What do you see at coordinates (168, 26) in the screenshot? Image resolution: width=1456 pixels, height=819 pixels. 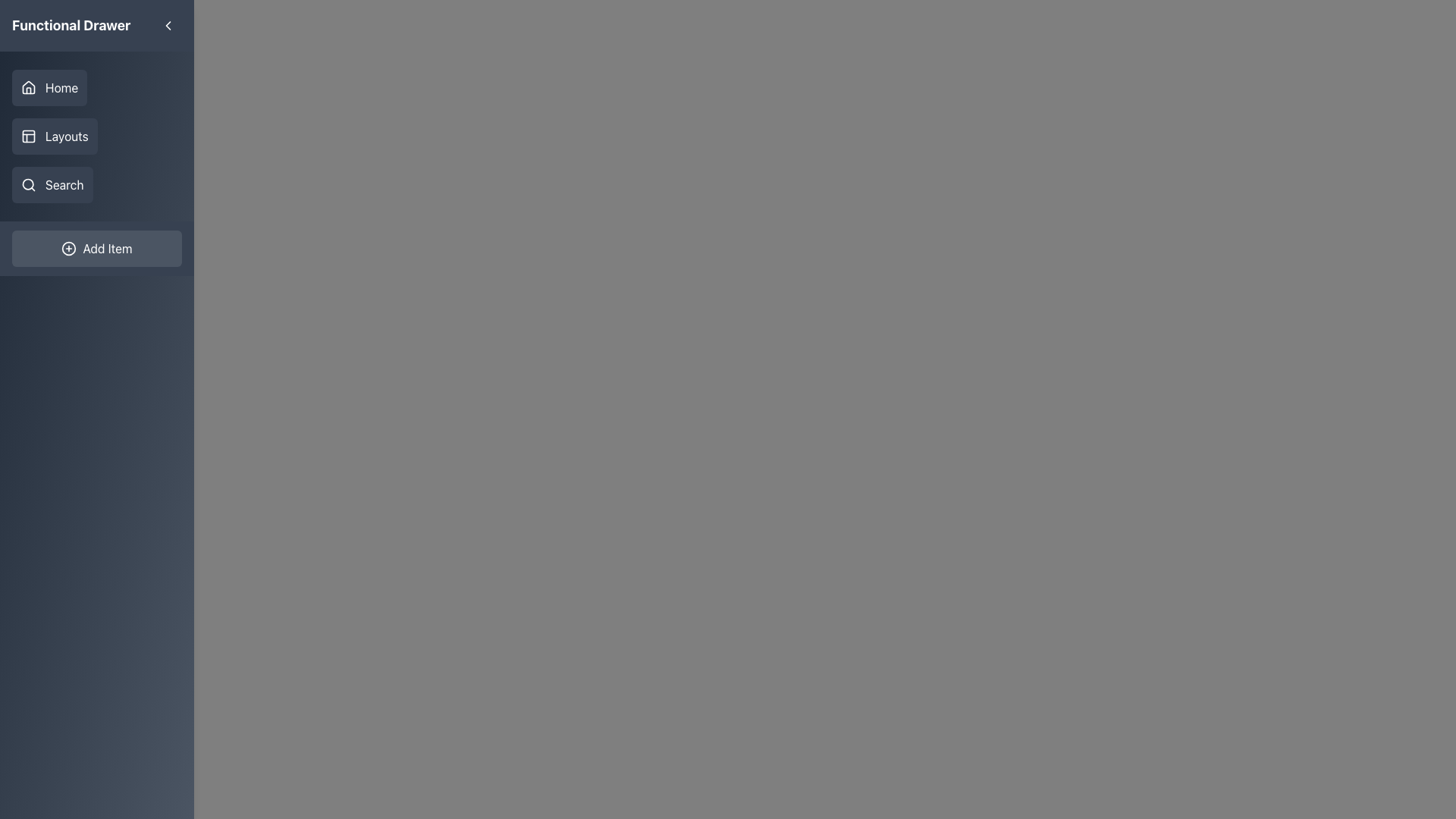 I see `the button with a left chevron icon located in the upper-right corner of the dark side navigation panel, adjacent to the title 'Functional Drawer'` at bounding box center [168, 26].